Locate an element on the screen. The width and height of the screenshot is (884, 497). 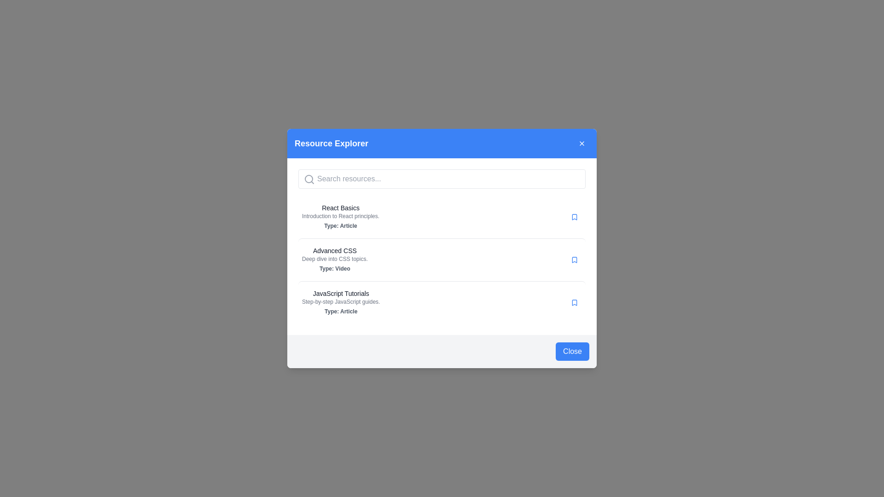
the small, circular button with a blue bookmark icon in the center, located in the top-right corner of the 'React Basics' card, to bookmark or unbookmark the item is located at coordinates (574, 217).